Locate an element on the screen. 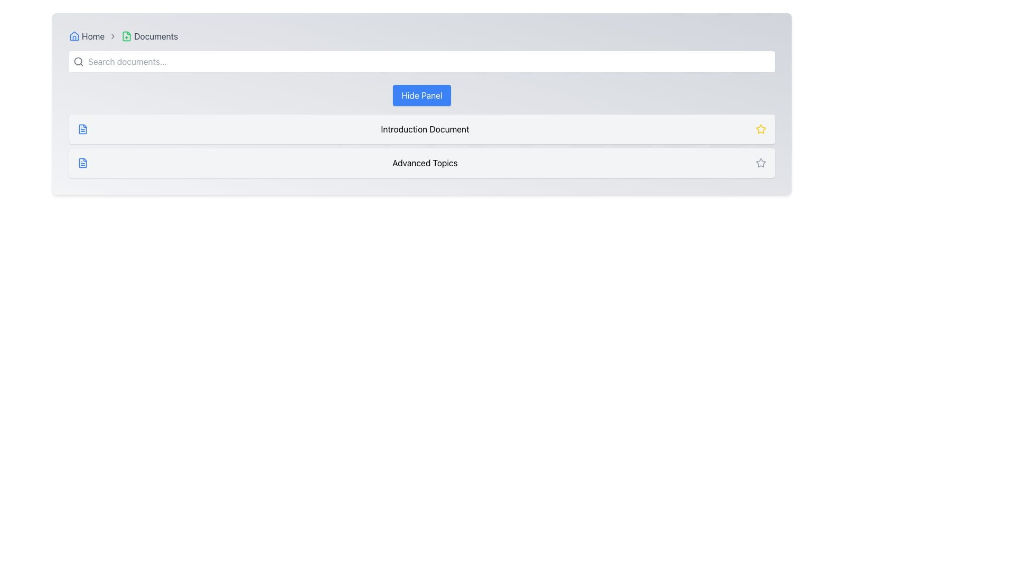  the chevron icon located between the 'Home' and 'Documents' breadcrumb links in the navigation header is located at coordinates (113, 36).